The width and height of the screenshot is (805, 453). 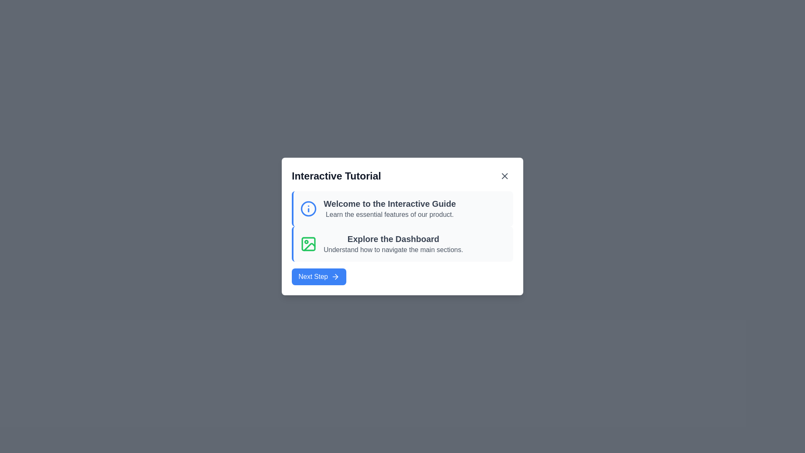 What do you see at coordinates (393, 250) in the screenshot?
I see `the static text label reading 'Understand how to navigate the main sections.' which is located directly below the title 'Explore the Dashboard' in a white card` at bounding box center [393, 250].